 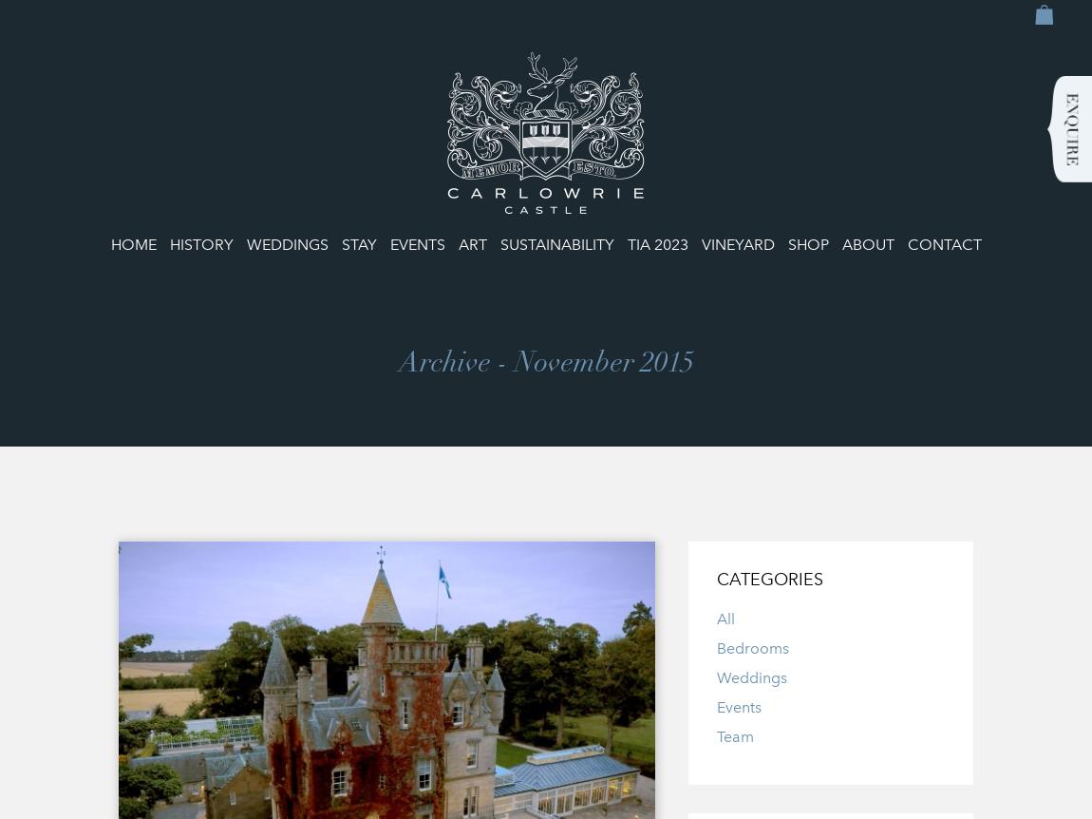 I want to click on 'Sustainability', so click(x=499, y=243).